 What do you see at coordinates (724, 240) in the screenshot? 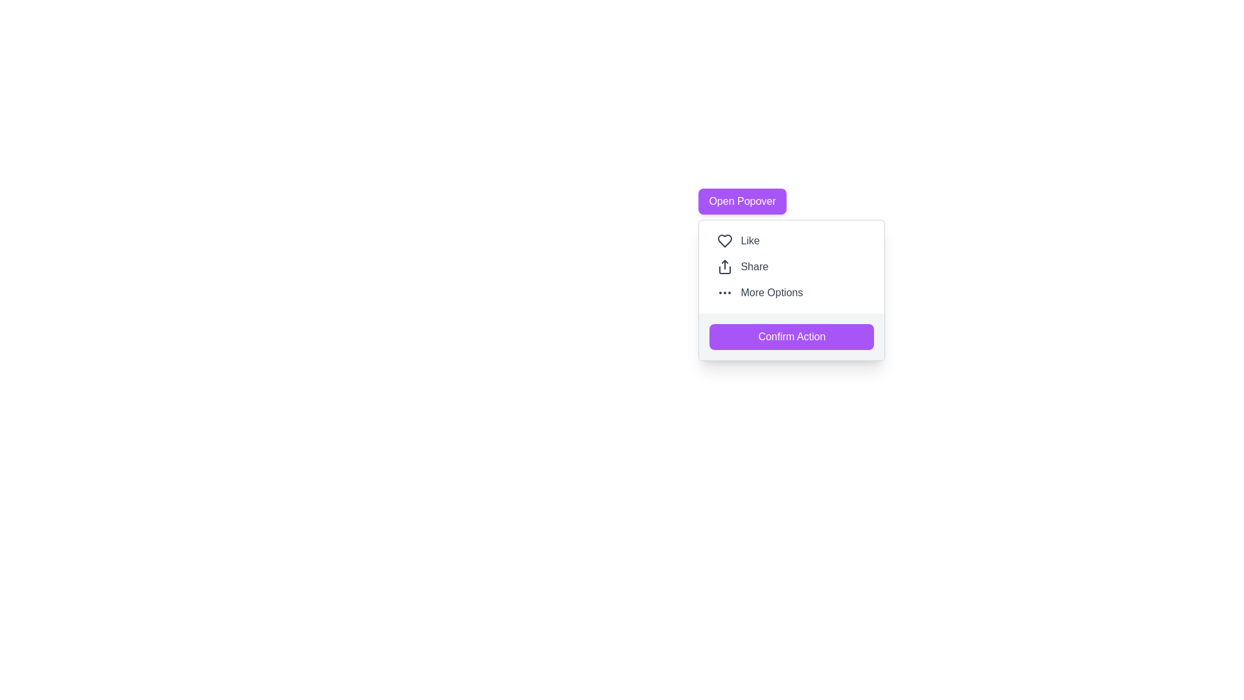
I see `the 'Like' icon located at the top of the options list in the popover component, which is visually associated with the label 'Like'` at bounding box center [724, 240].